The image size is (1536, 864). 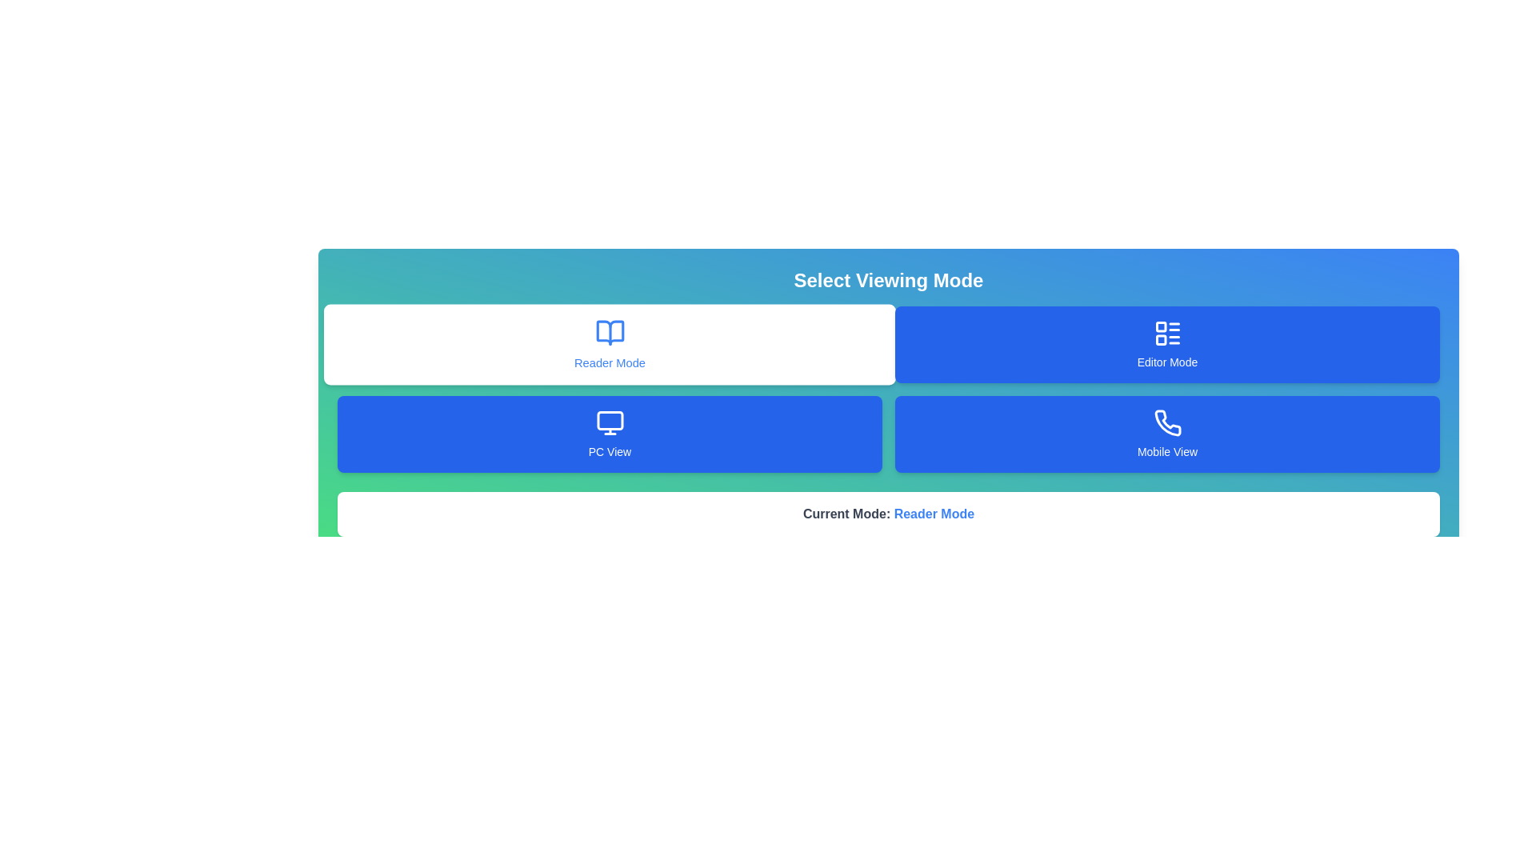 What do you see at coordinates (609, 434) in the screenshot?
I see `the view mode PC View by clicking on the corresponding button` at bounding box center [609, 434].